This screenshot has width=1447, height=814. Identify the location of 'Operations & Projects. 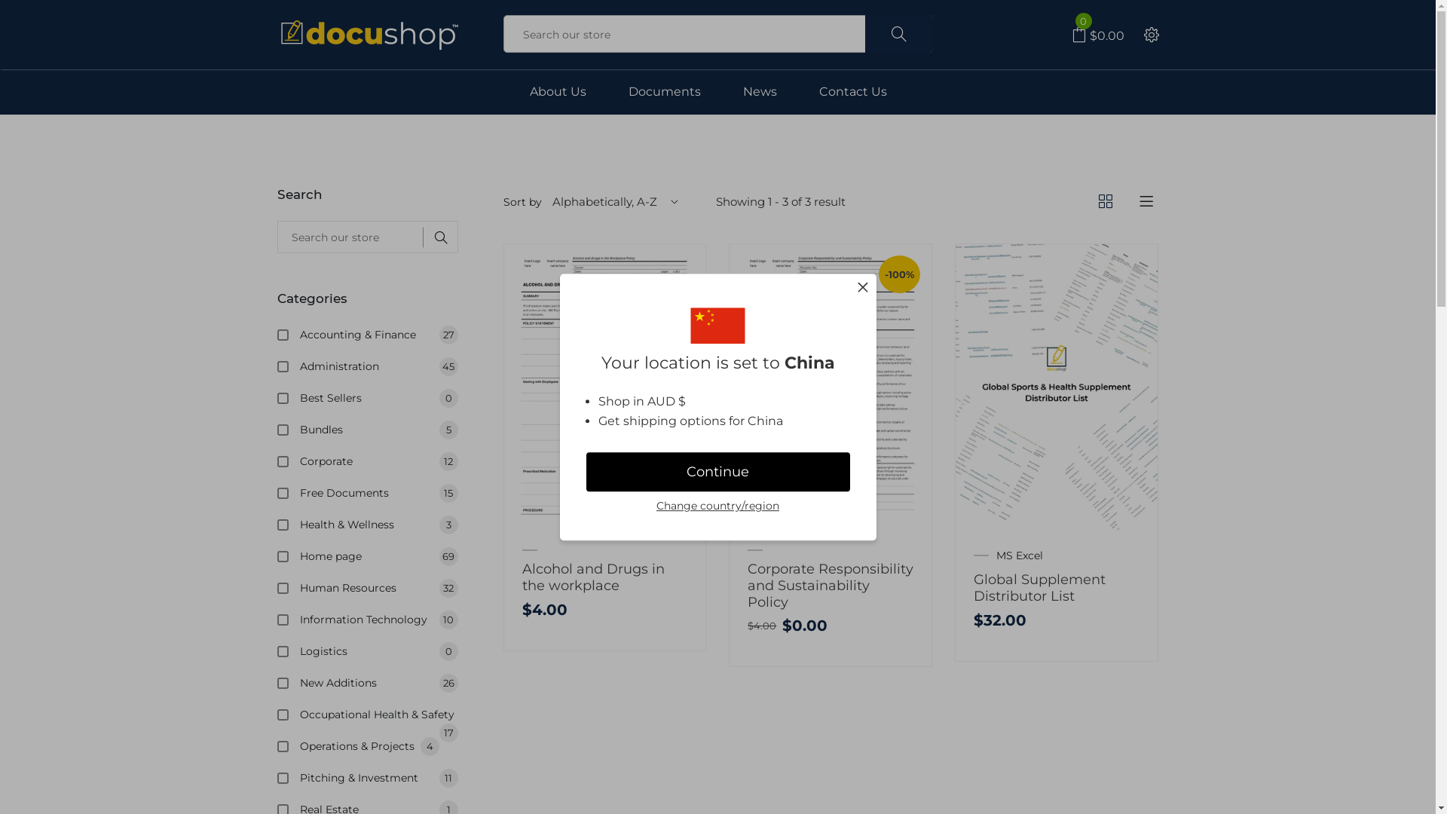
(379, 746).